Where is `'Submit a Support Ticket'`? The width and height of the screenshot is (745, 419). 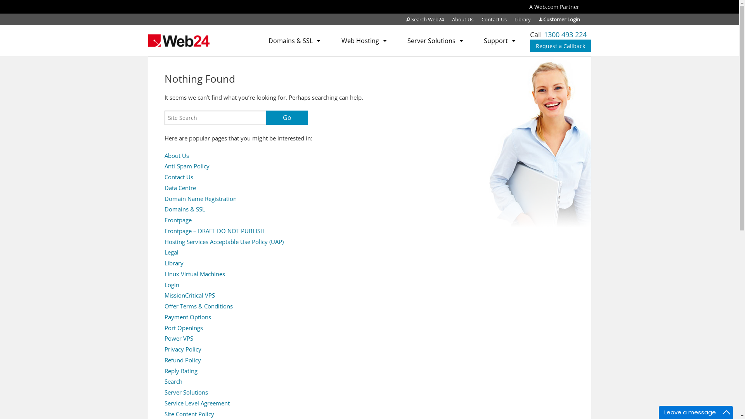 'Submit a Support Ticket' is located at coordinates (473, 64).